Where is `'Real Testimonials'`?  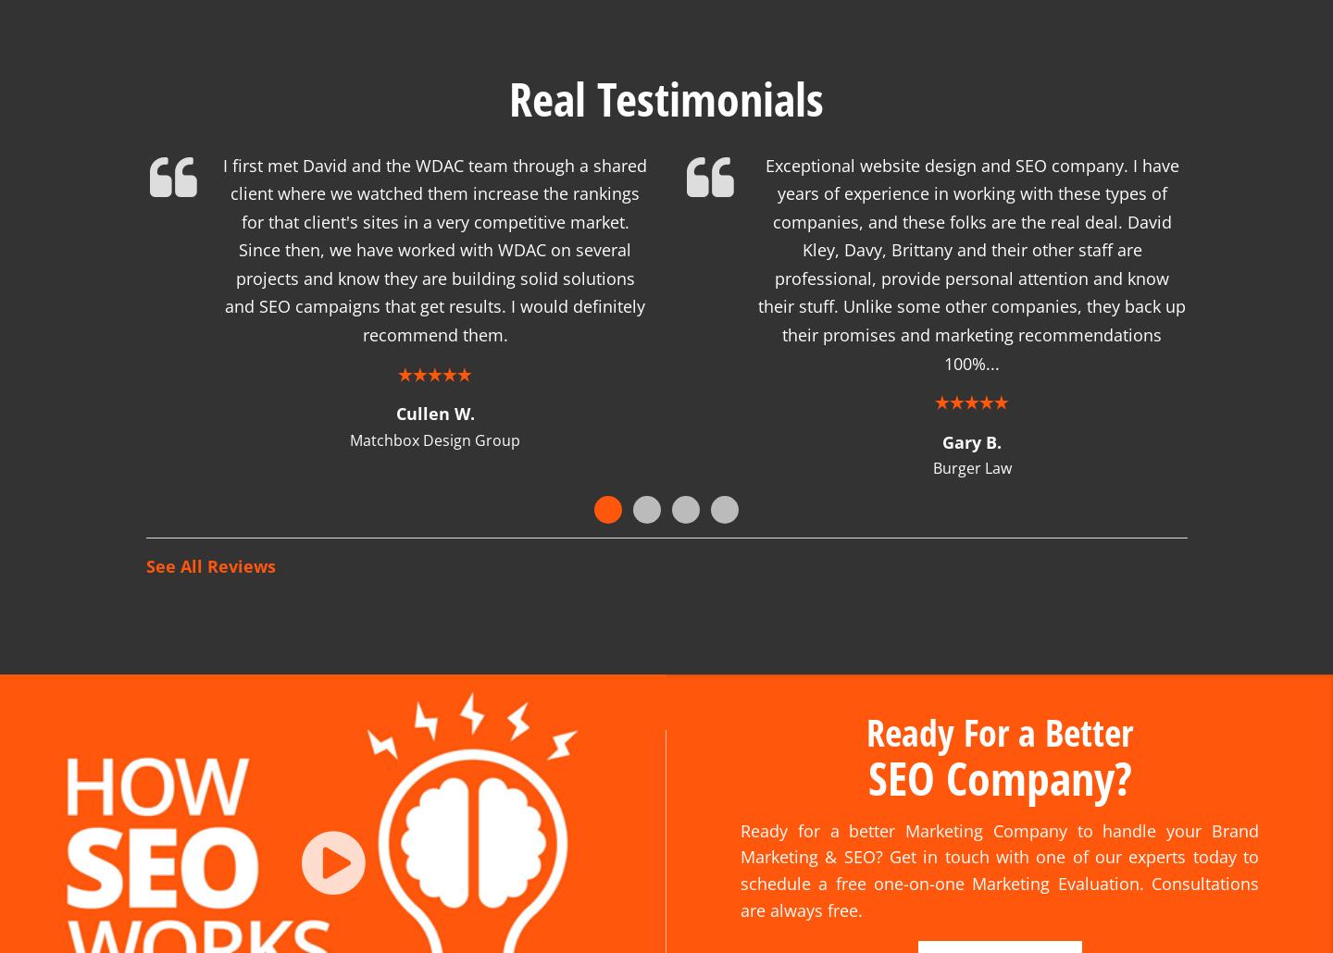 'Real Testimonials' is located at coordinates (508, 75).